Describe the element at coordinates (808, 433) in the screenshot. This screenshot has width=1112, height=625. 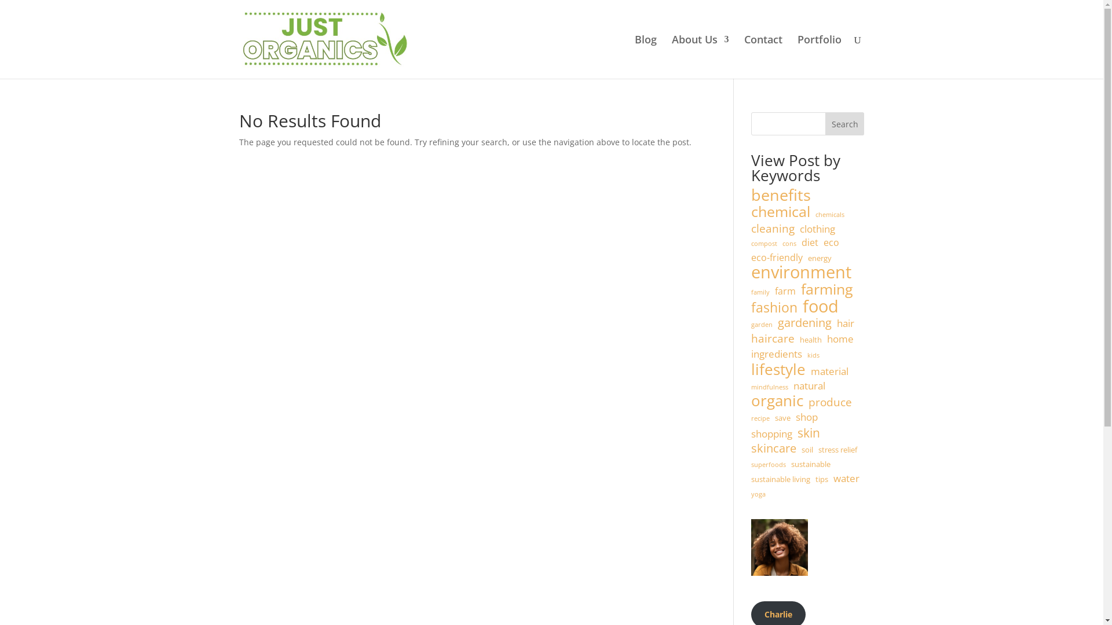
I see `'skin'` at that location.